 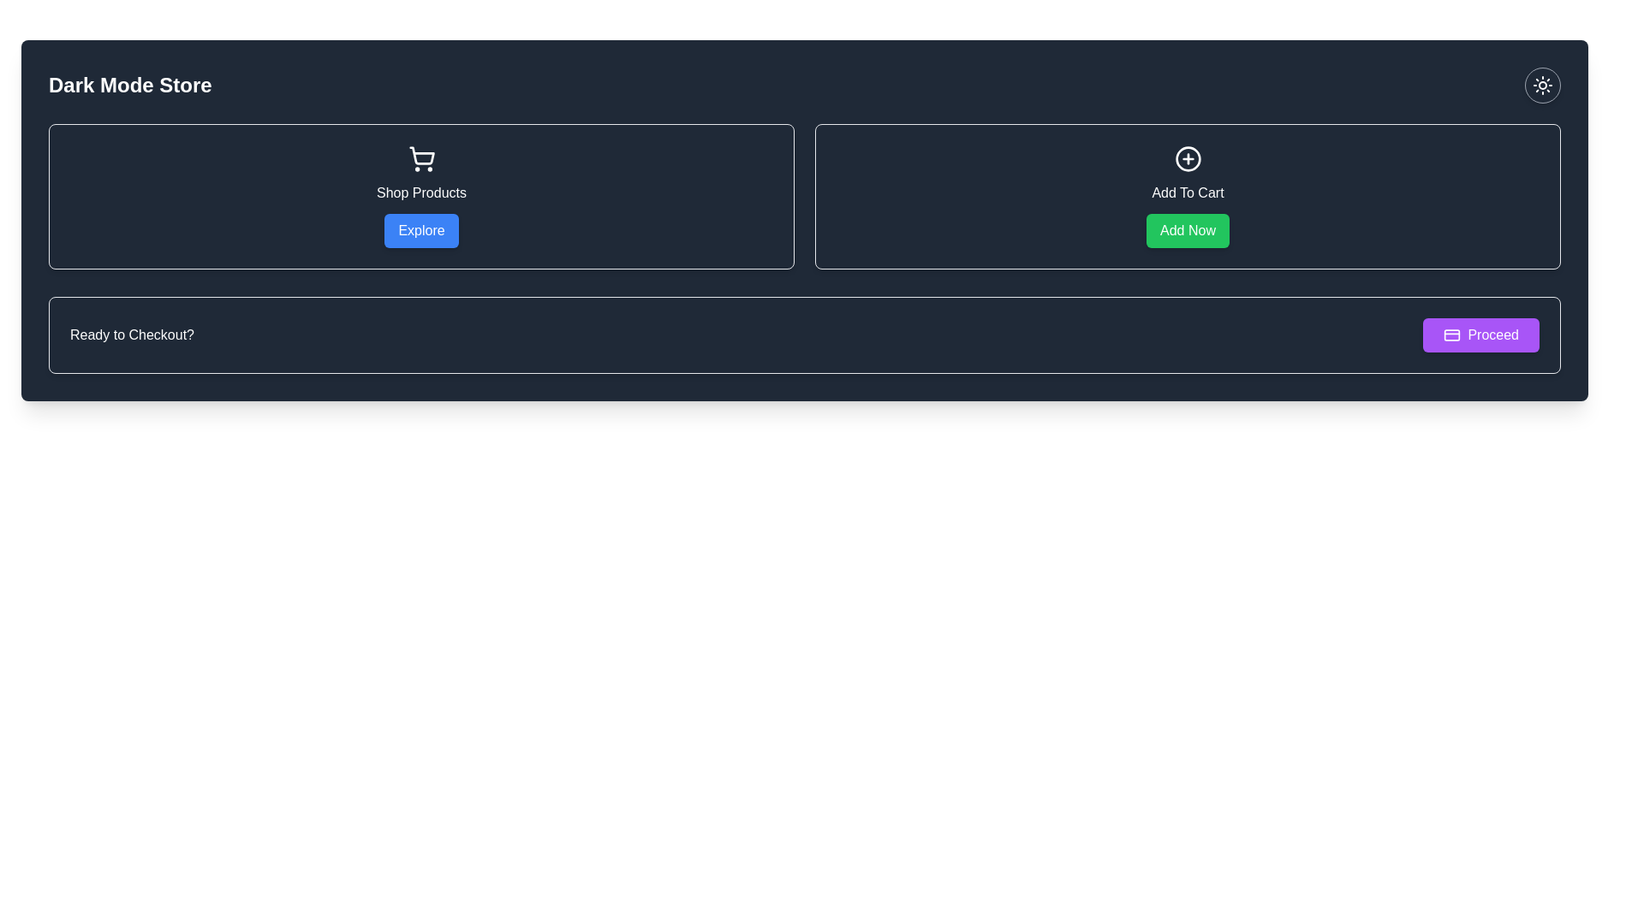 I want to click on the 'Add To Cart' text label, which is displayed in medium-weight font on a dark background, located below a circular icon with a plus sign, so click(x=1187, y=192).